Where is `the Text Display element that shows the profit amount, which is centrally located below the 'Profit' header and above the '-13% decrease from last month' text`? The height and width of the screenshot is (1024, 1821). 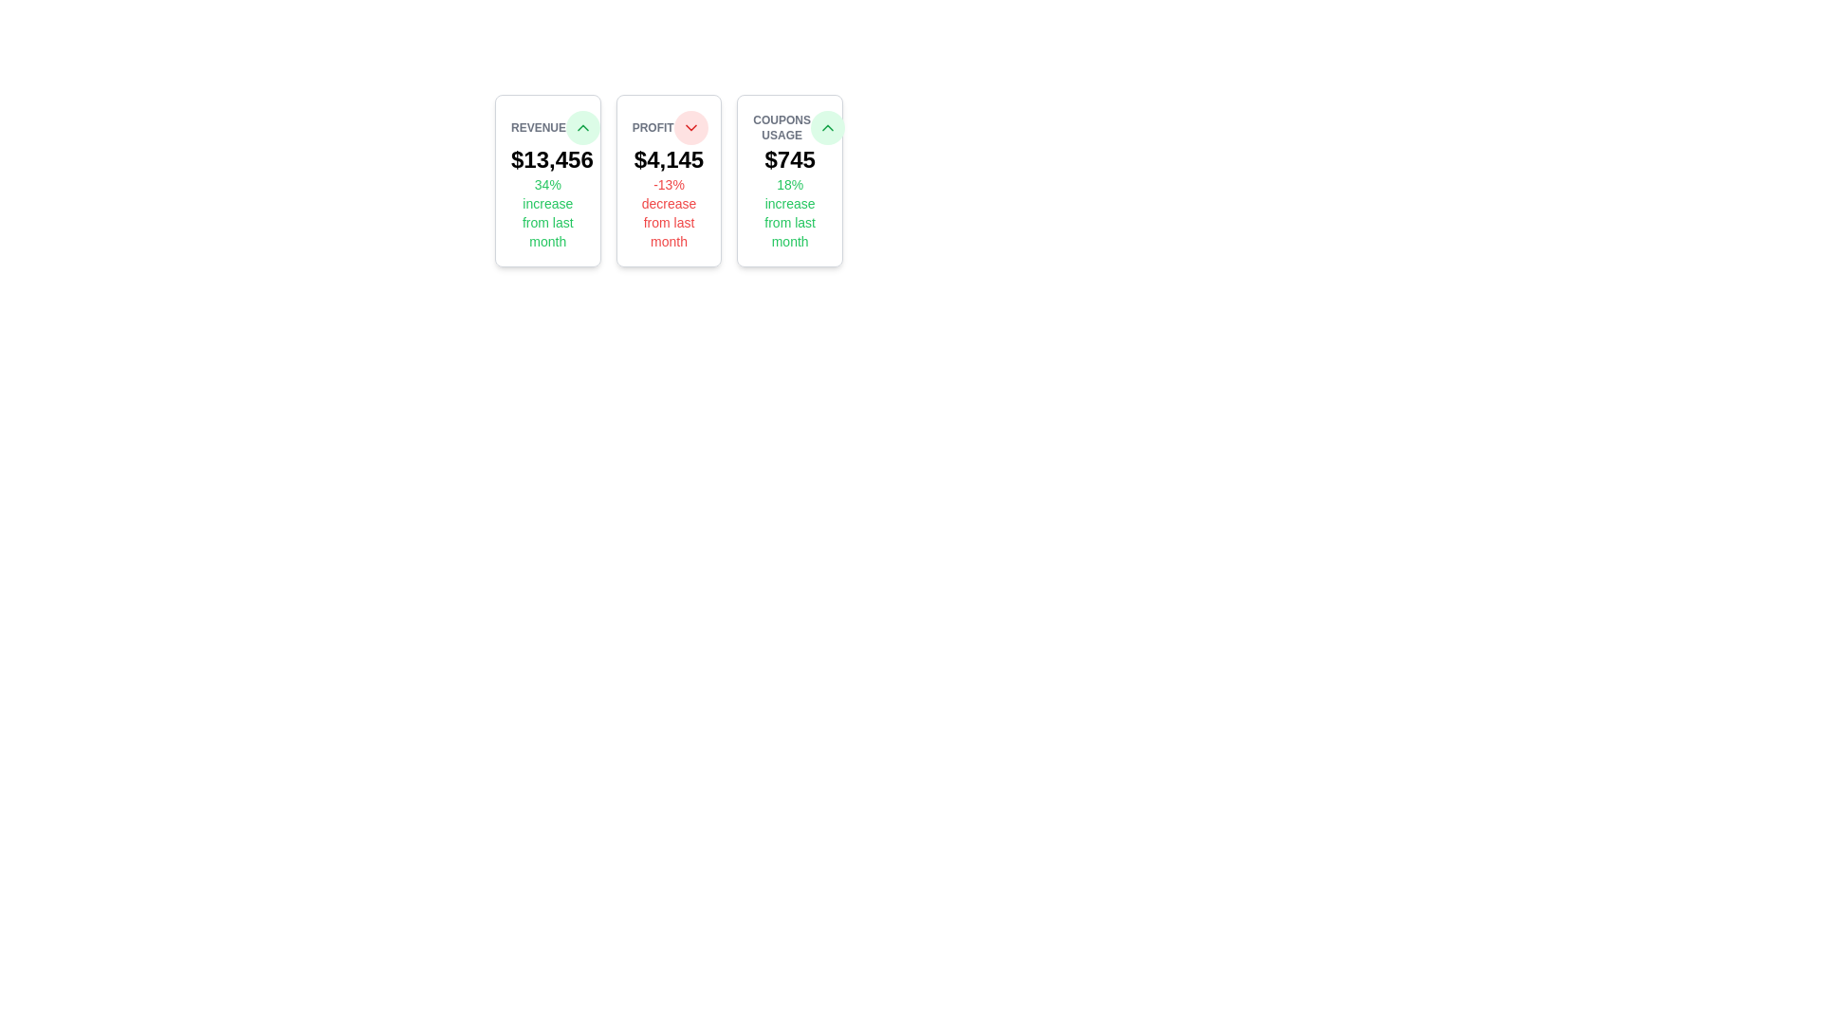 the Text Display element that shows the profit amount, which is centrally located below the 'Profit' header and above the '-13% decrease from last month' text is located at coordinates (669, 159).